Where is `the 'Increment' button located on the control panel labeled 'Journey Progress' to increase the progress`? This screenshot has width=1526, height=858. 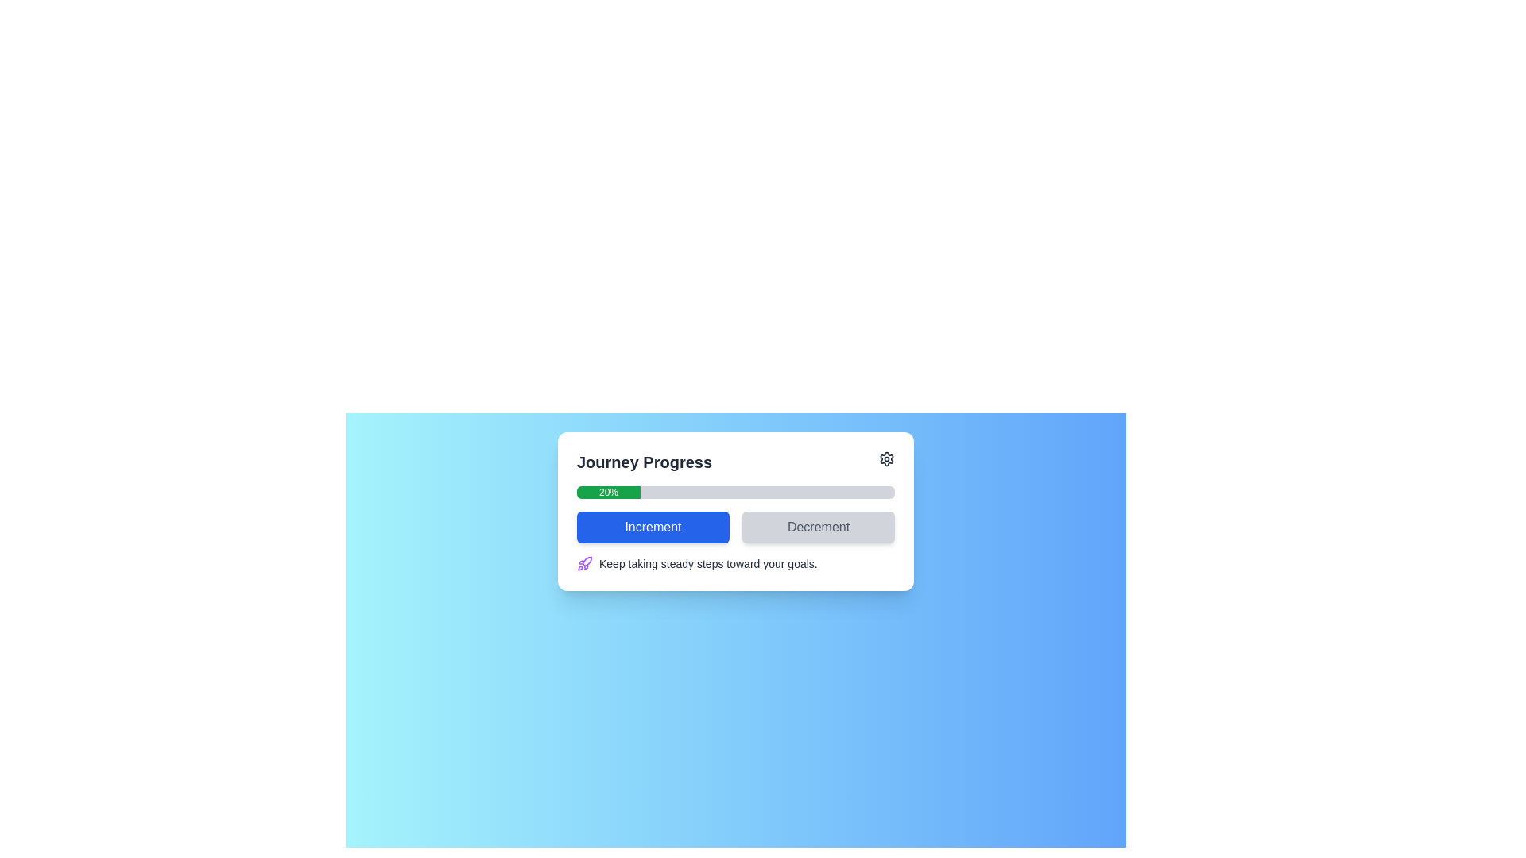 the 'Increment' button located on the control panel labeled 'Journey Progress' to increase the progress is located at coordinates (735, 512).